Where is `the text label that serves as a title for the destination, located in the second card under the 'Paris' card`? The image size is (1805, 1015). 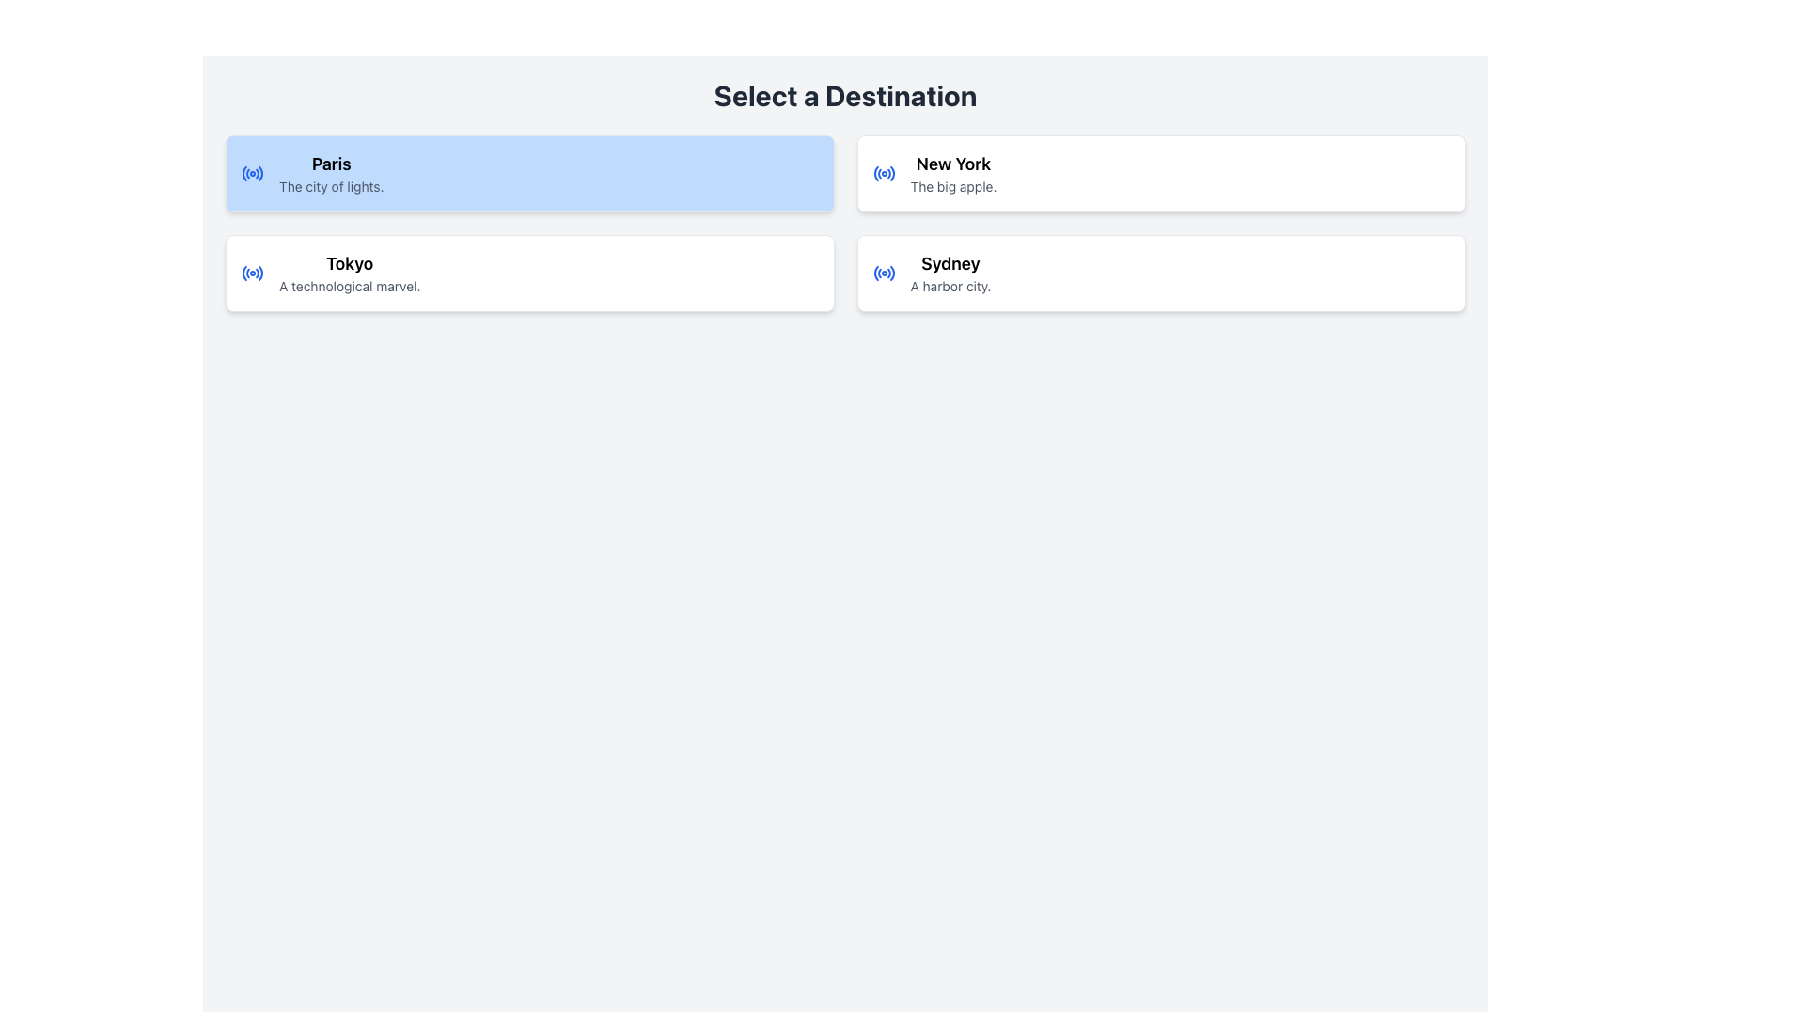
the text label that serves as a title for the destination, located in the second card under the 'Paris' card is located at coordinates (350, 264).